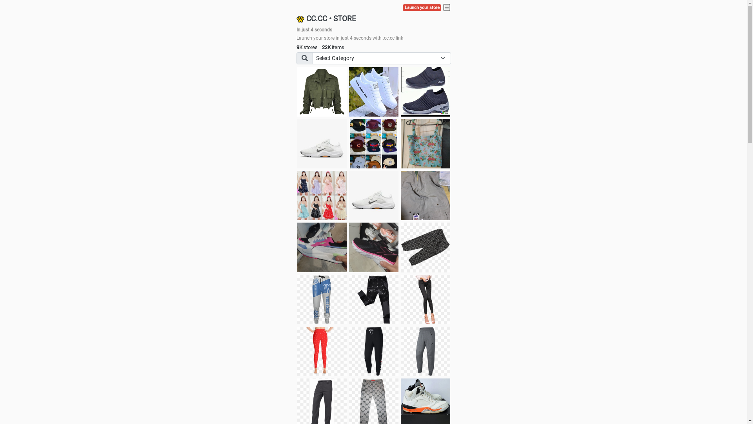 The height and width of the screenshot is (424, 753). What do you see at coordinates (425, 91) in the screenshot?
I see `'shoes for boys'` at bounding box center [425, 91].